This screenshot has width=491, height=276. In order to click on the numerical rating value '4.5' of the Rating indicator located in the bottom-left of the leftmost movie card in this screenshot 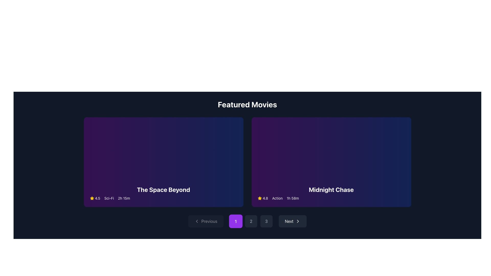, I will do `click(95, 198)`.